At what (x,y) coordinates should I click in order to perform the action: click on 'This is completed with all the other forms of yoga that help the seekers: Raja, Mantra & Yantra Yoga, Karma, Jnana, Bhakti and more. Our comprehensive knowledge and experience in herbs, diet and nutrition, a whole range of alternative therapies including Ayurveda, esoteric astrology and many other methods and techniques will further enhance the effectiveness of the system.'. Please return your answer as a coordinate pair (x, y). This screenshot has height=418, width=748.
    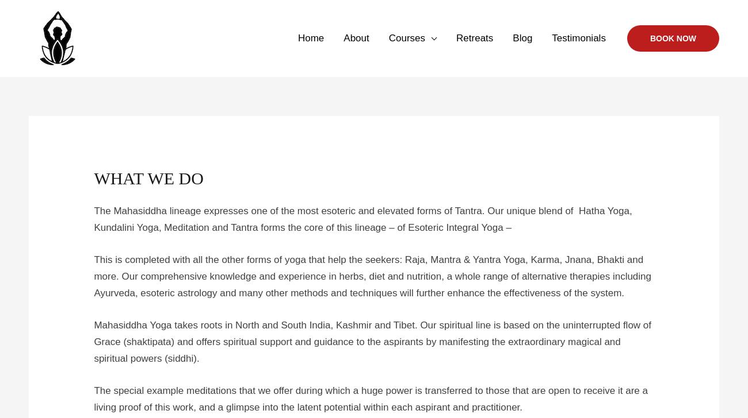
    Looking at the image, I should click on (372, 276).